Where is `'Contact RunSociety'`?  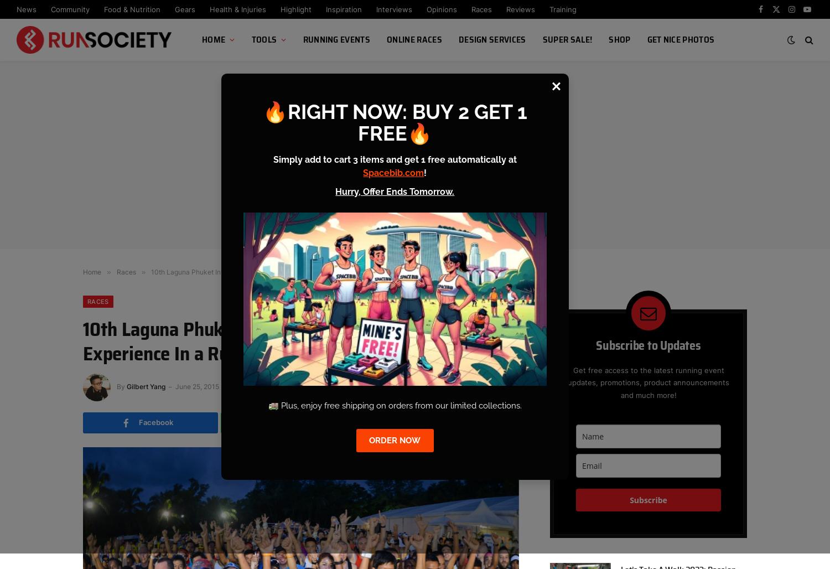
'Contact RunSociety' is located at coordinates (236, 116).